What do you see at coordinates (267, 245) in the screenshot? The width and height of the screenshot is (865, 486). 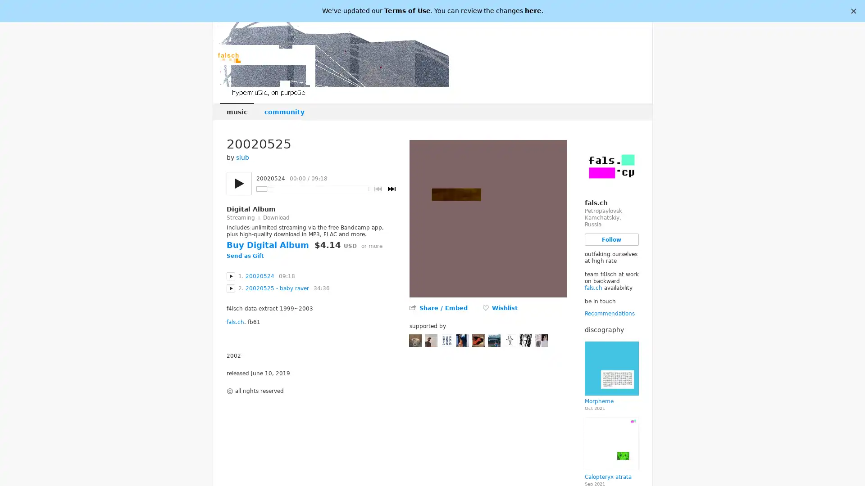 I see `Buy Digital Album` at bounding box center [267, 245].